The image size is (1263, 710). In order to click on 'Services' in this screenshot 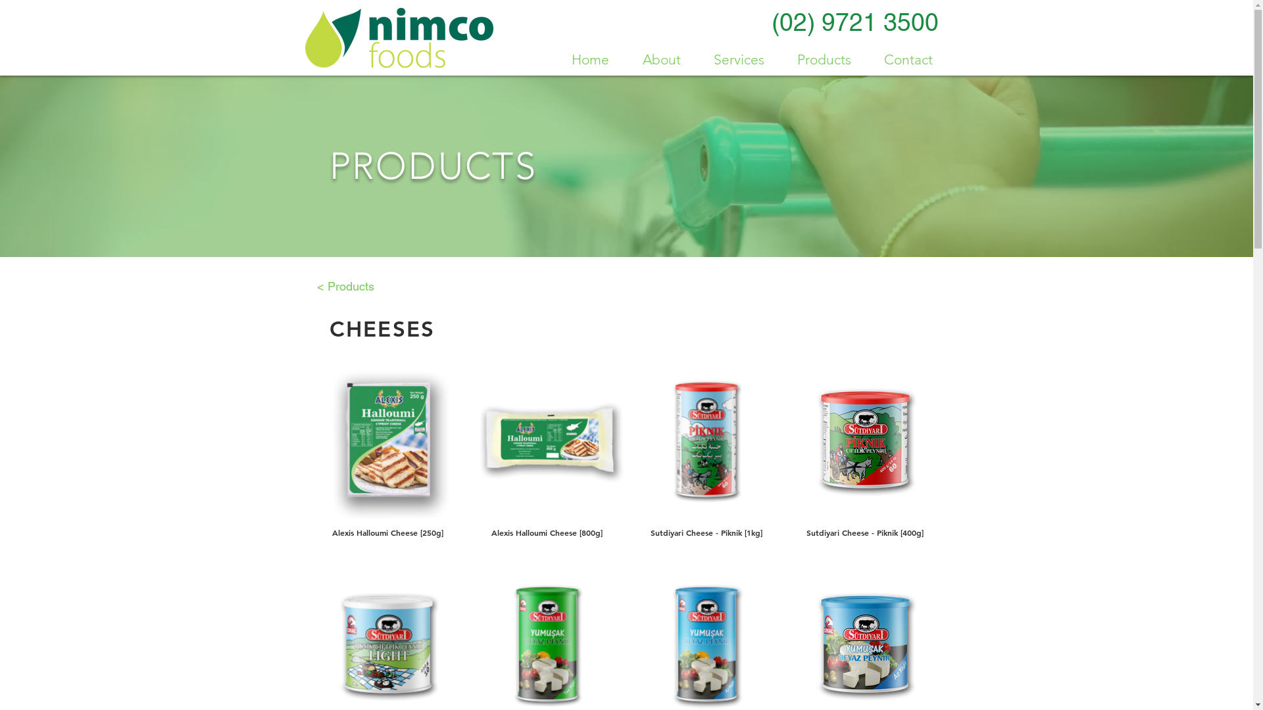, I will do `click(739, 59)`.